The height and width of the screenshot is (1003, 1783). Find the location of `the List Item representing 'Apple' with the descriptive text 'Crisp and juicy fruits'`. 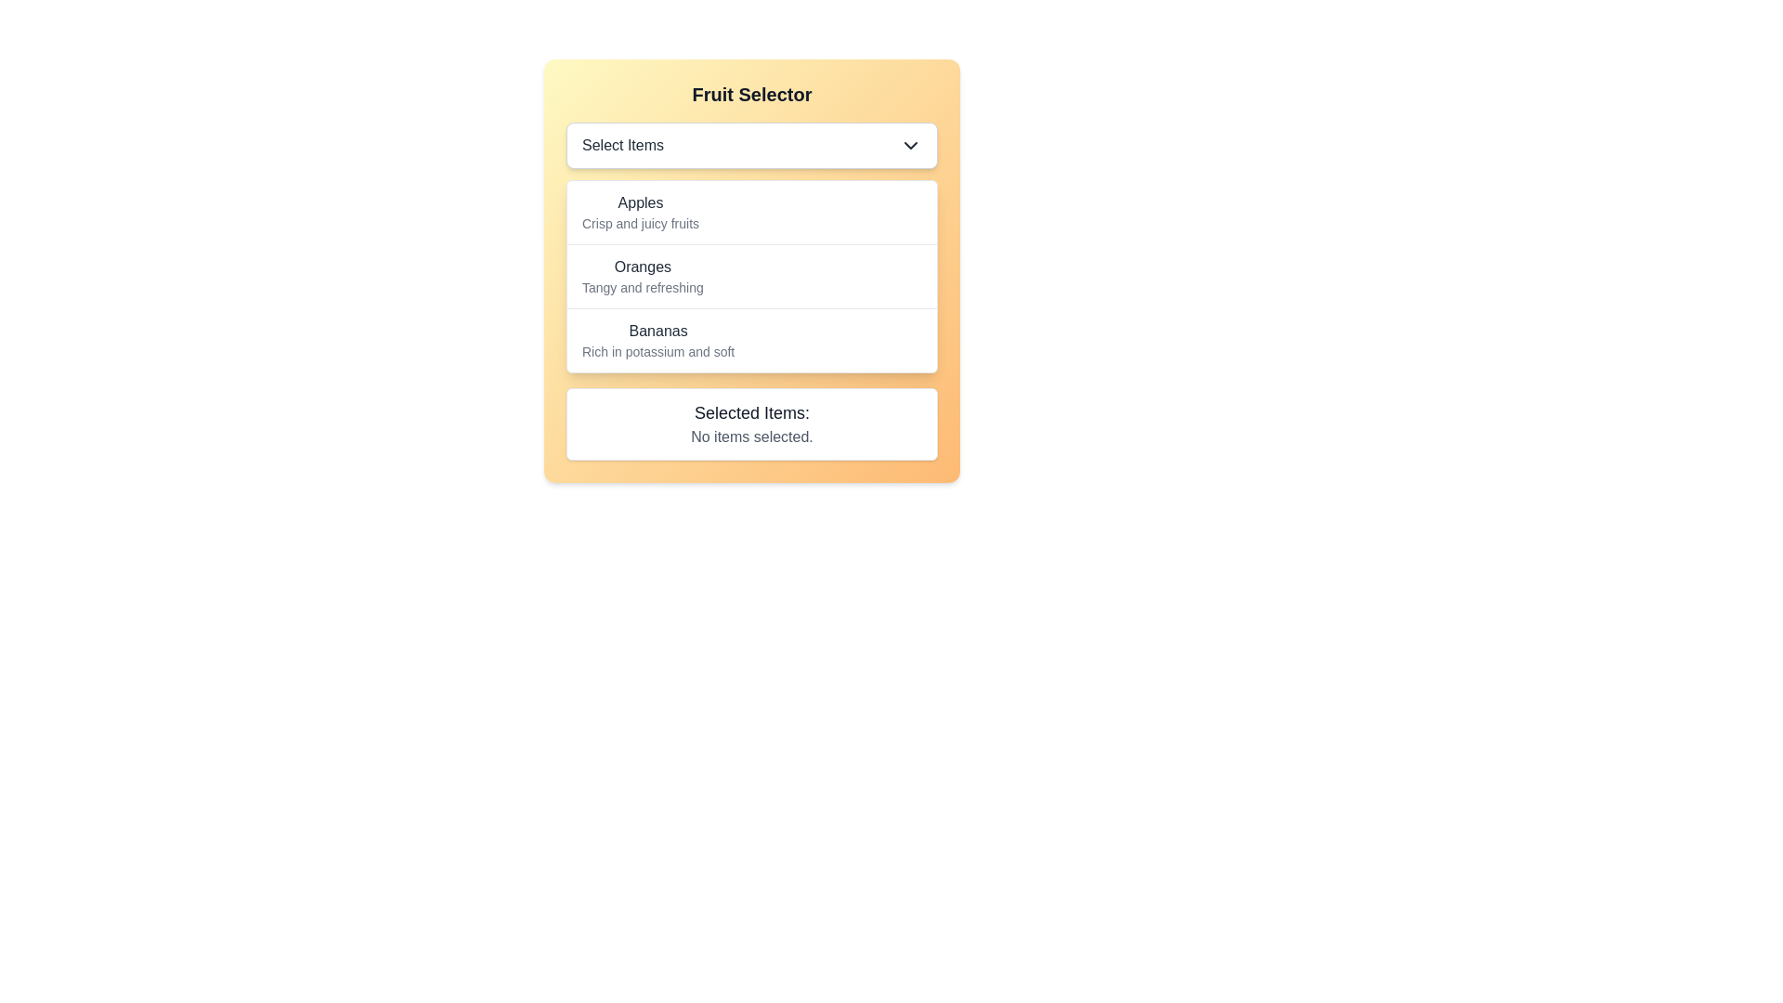

the List Item representing 'Apple' with the descriptive text 'Crisp and juicy fruits' is located at coordinates (641, 211).